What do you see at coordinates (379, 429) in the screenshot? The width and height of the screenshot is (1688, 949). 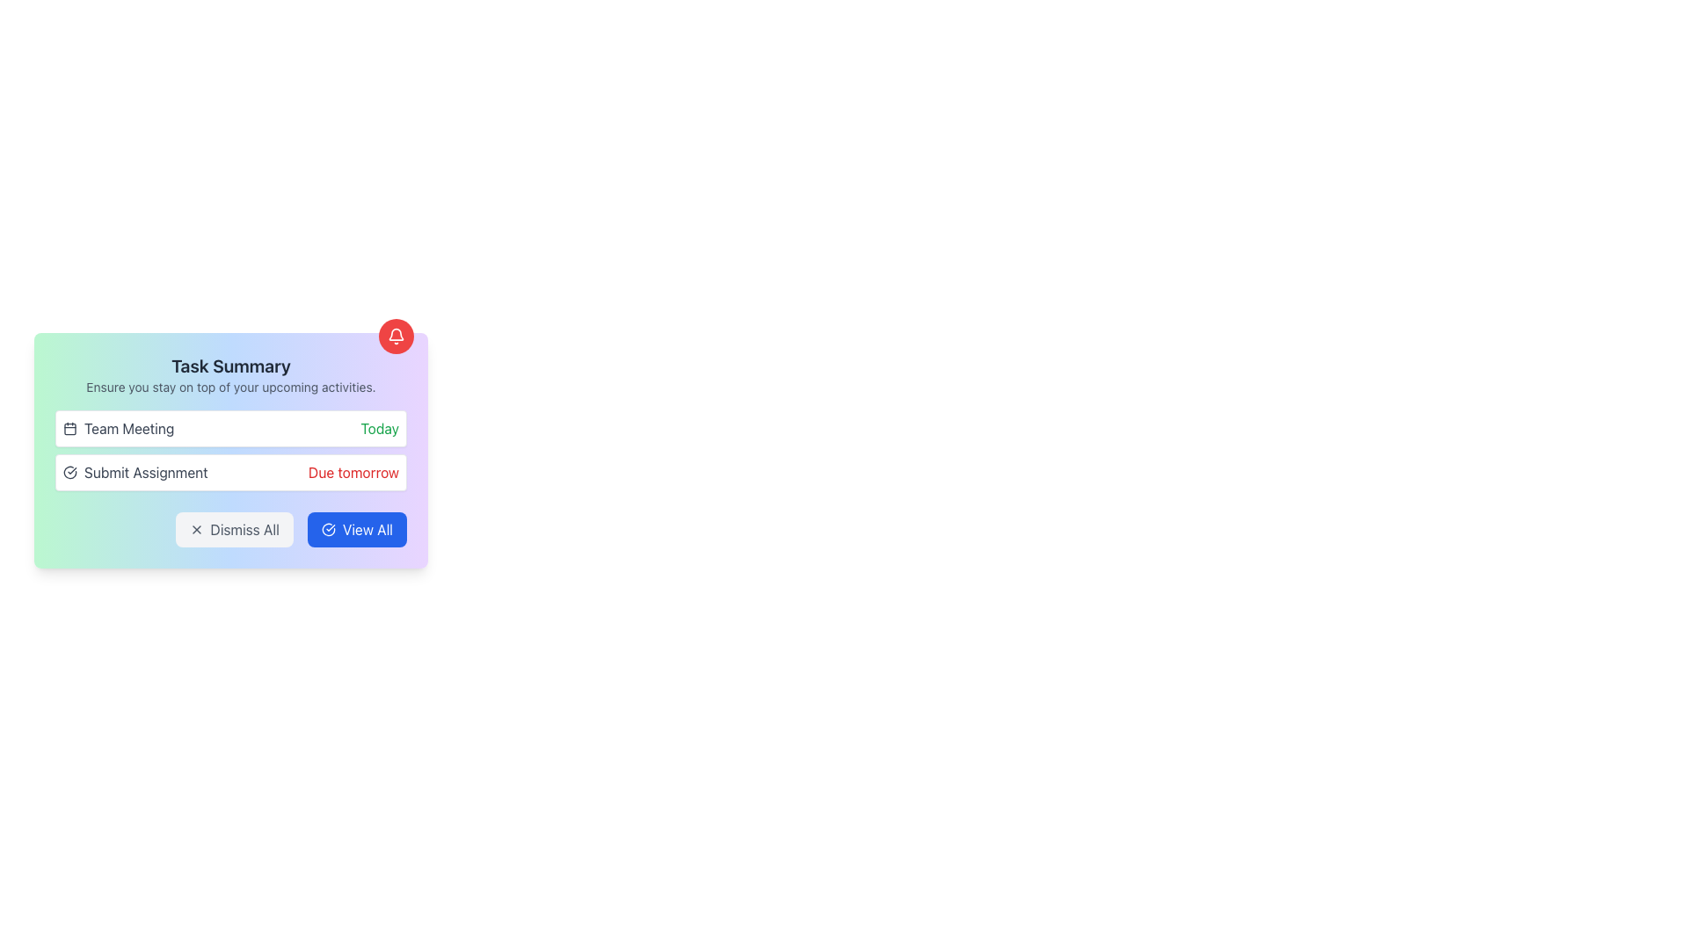 I see `the Text Label that indicates the current date or status, specifically denoting that the associated task occurs or is relevant 'Today', located on the right side of the 'Team Meeting' string` at bounding box center [379, 429].